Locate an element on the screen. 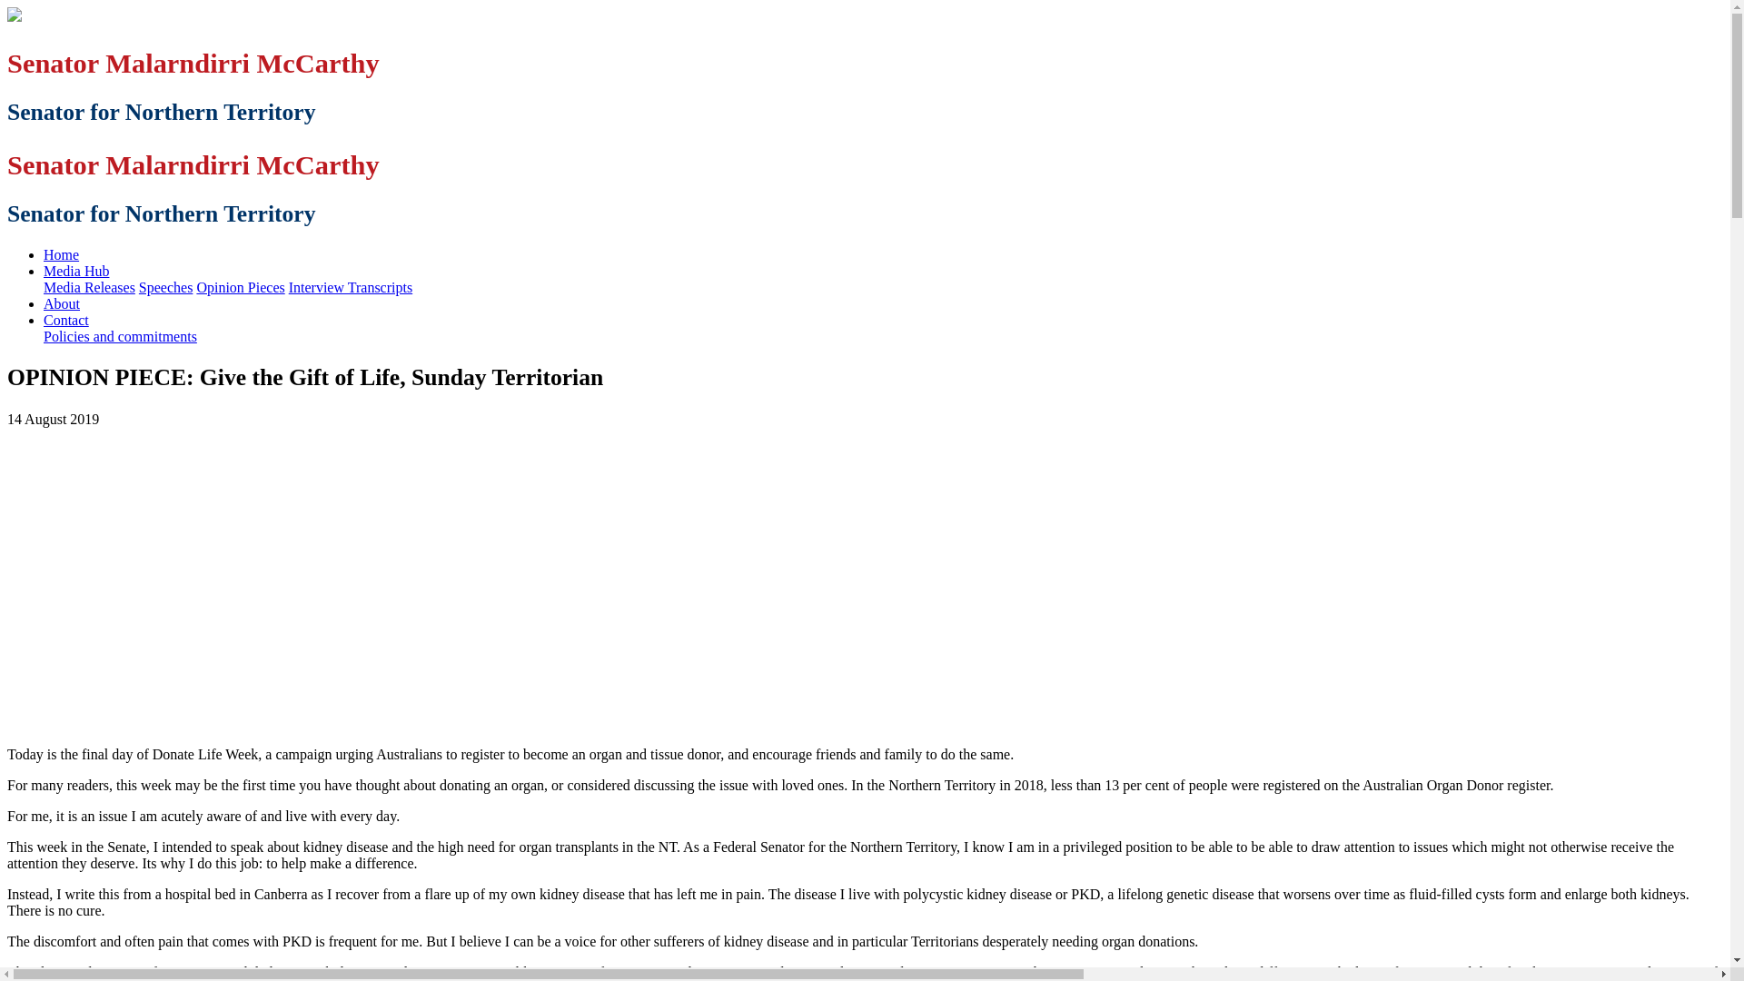 Image resolution: width=1744 pixels, height=981 pixels. 'Media Releases' is located at coordinates (88, 286).